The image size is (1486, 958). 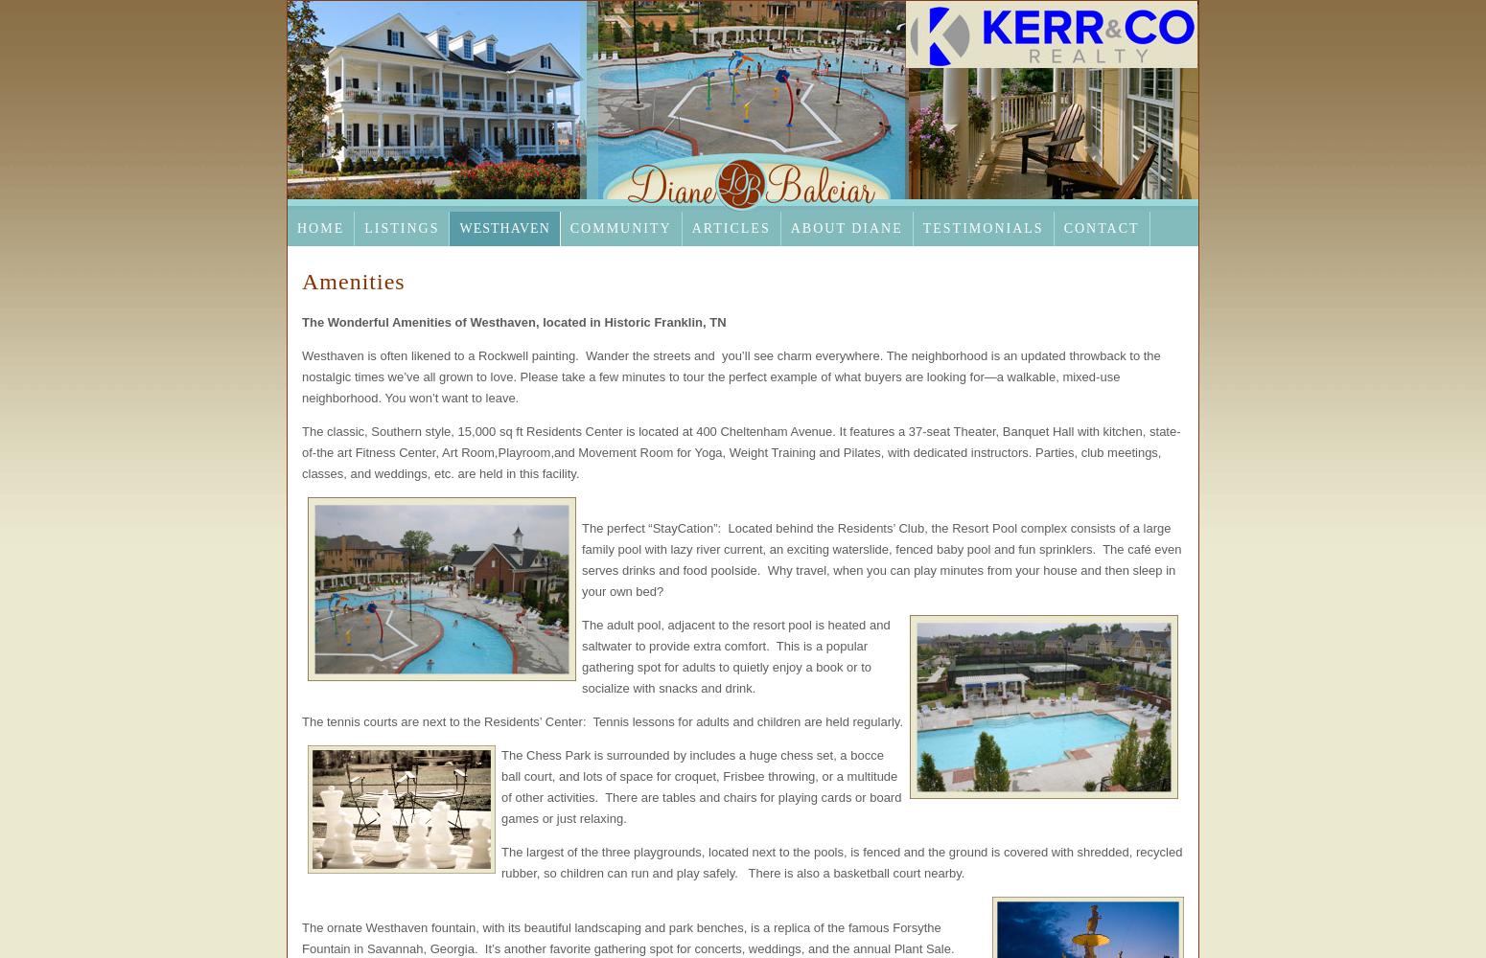 I want to click on 'Westhaven is often likened to a Rockwell painting.  Wander the streets and  you’ll see charm everywhere. The neighborhood is an updated throwback to the nostalgic times we’ve all grown to love. Please take a few minutes to tour the perfect example of what buyers are looking for—a walkable, mixed-use neighborhood. You won’t want to leave.', so click(x=731, y=376).